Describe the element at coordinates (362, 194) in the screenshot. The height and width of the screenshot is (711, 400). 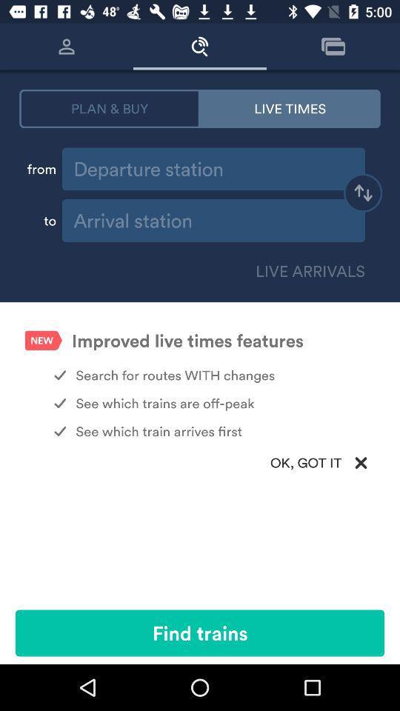
I see `switch destination` at that location.